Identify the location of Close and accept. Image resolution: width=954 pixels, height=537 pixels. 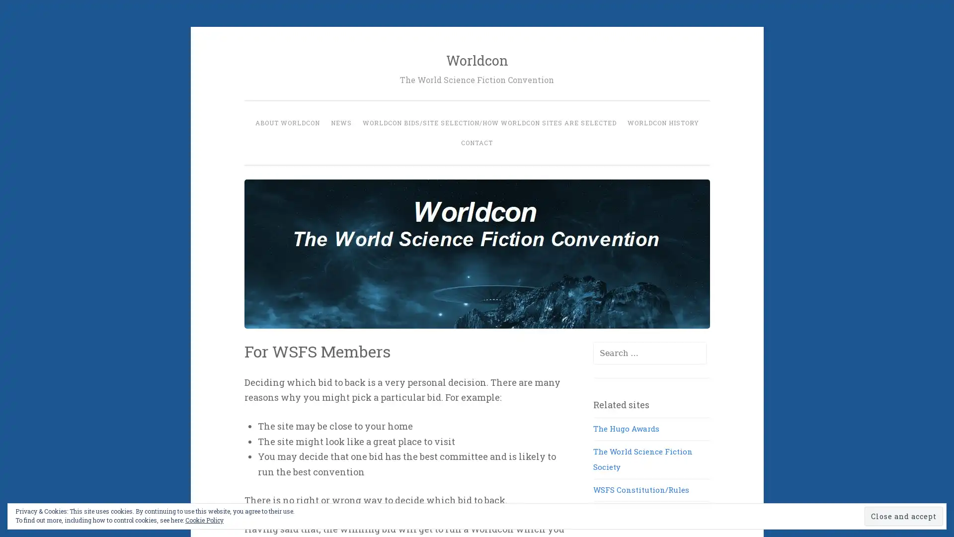
(904, 516).